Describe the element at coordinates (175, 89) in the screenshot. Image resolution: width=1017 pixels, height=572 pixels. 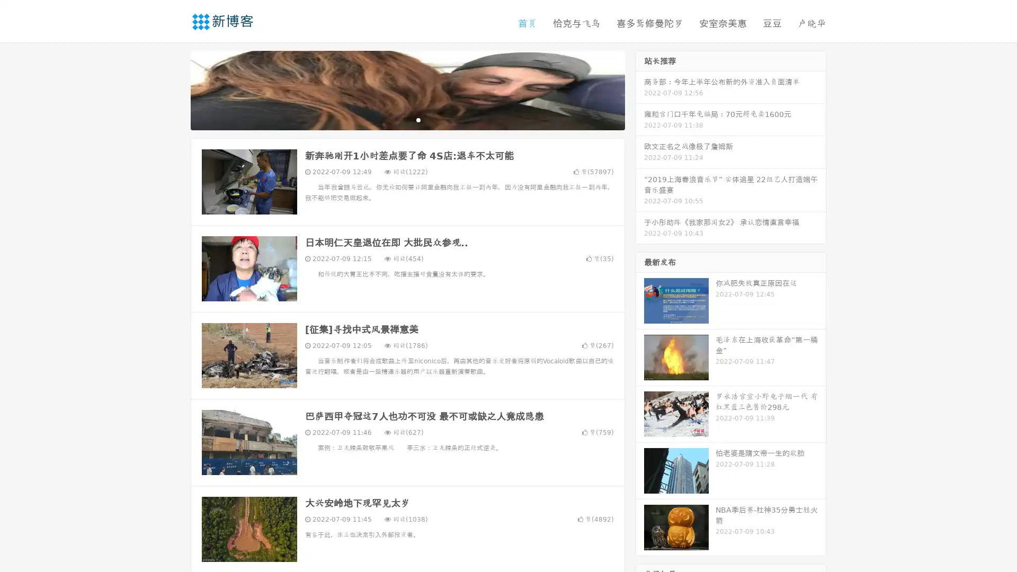
I see `Previous slide` at that location.